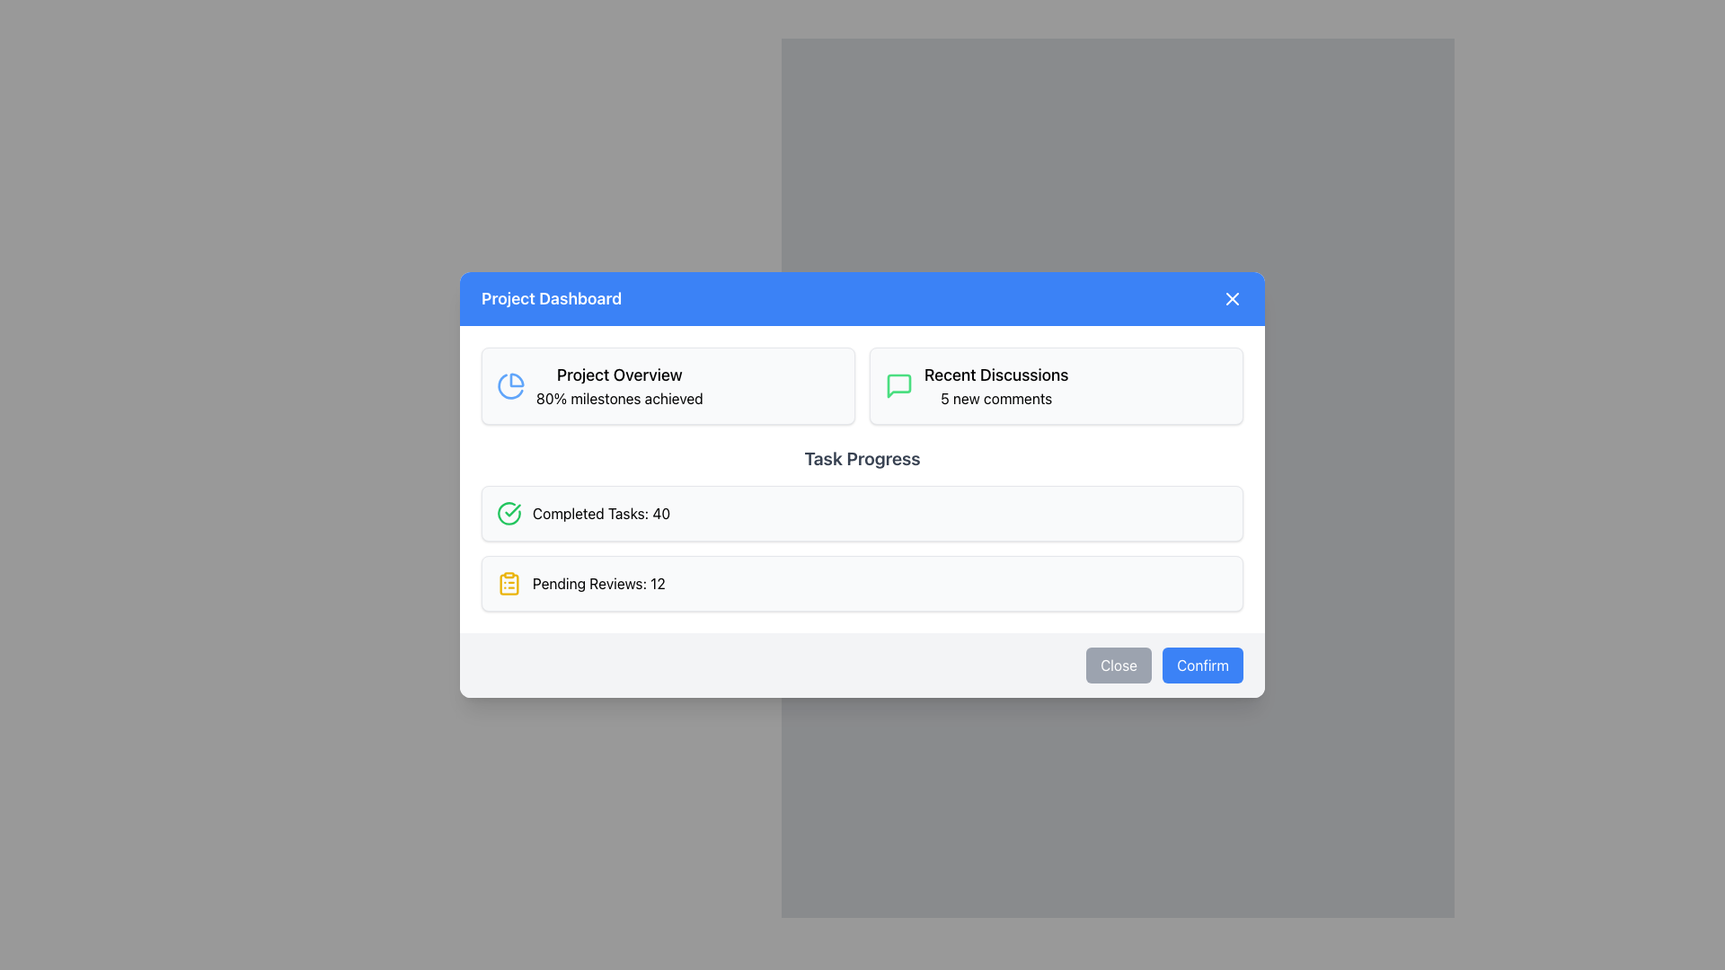 This screenshot has height=970, width=1725. I want to click on the text block that summarizes recent discussions and shows the count of unread comments, located in the second card of the top row of the content grid, adjacent to the 'Project Overview' card, so click(995, 384).